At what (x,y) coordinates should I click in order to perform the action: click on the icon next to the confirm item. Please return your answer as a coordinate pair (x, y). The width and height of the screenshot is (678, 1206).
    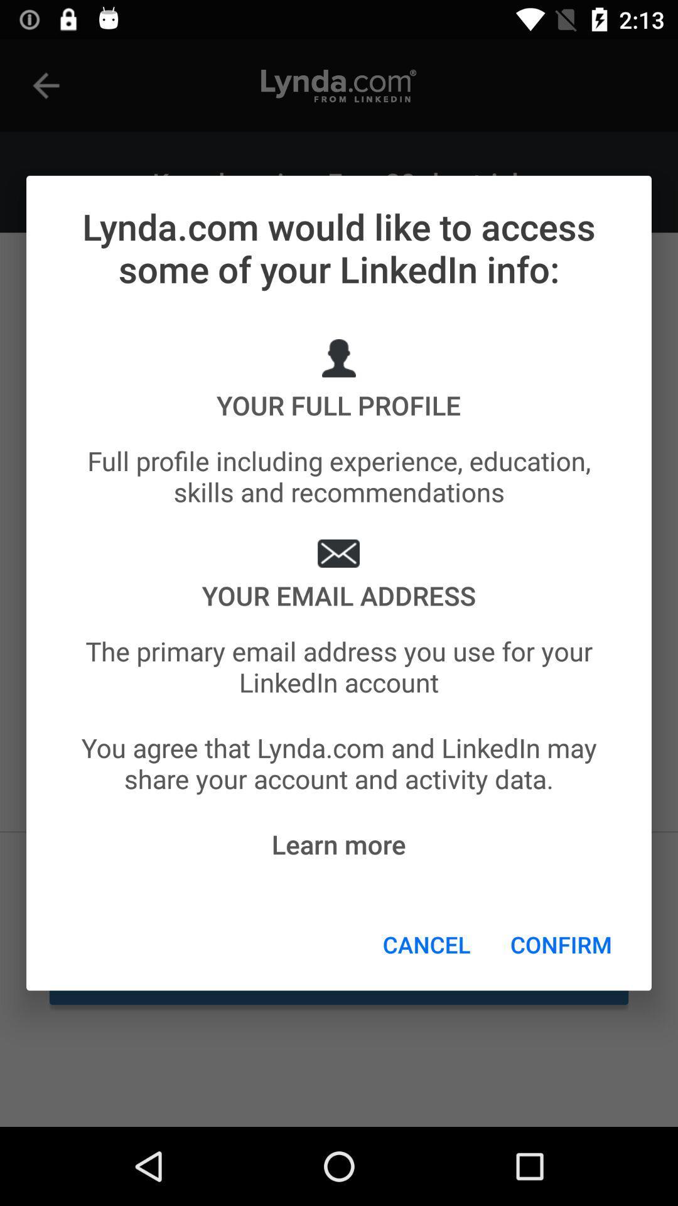
    Looking at the image, I should click on (426, 944).